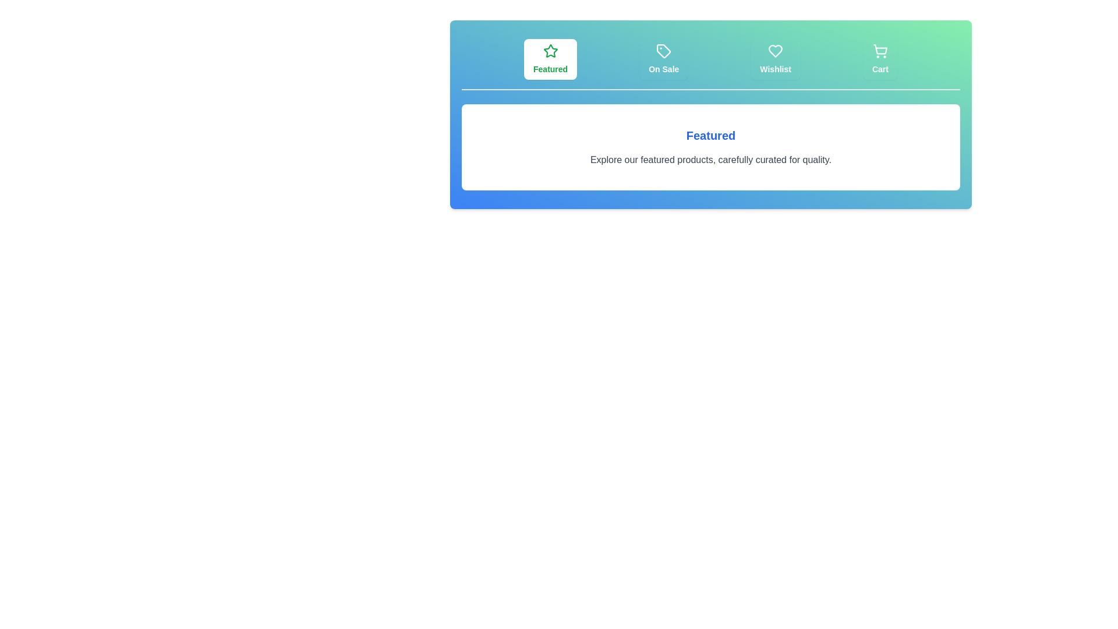 Image resolution: width=1118 pixels, height=629 pixels. I want to click on the tab labeled Wishlist to switch the view, so click(776, 59).